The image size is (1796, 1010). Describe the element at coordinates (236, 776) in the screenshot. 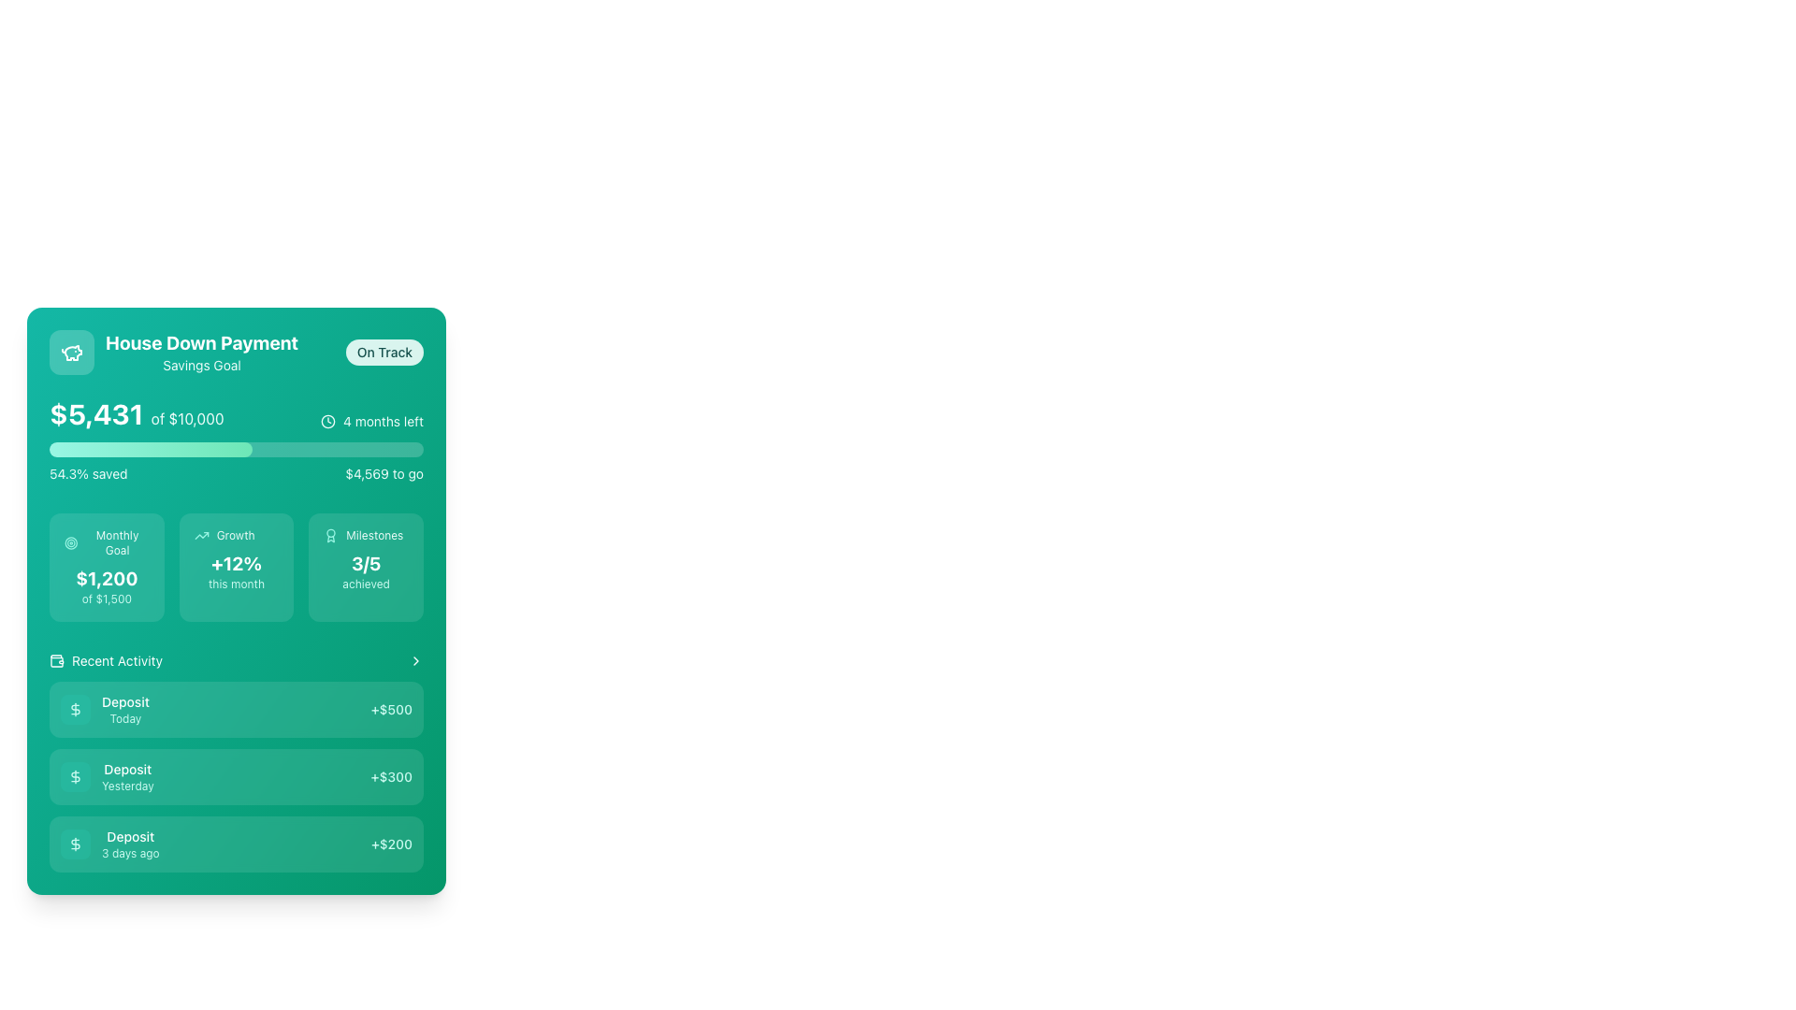

I see `the second entry in the 'Recent Activity' section of the financial dashboard` at that location.